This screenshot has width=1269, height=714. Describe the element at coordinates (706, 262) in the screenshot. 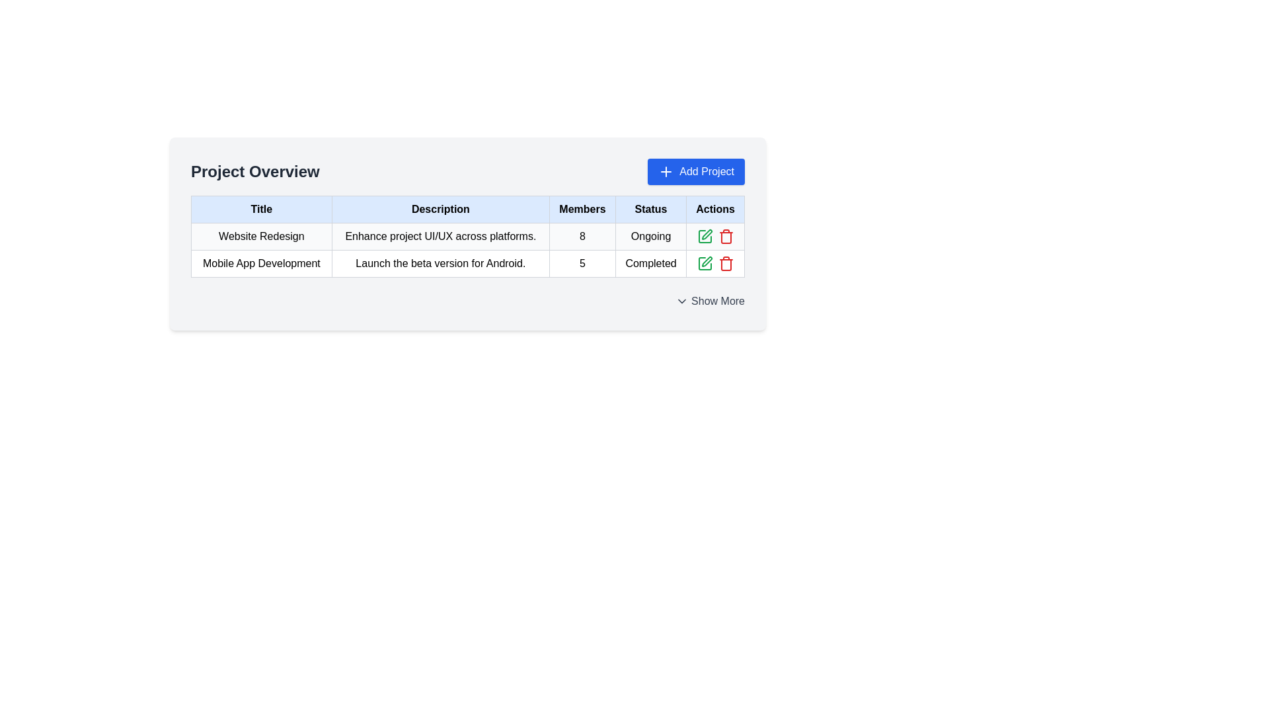

I see `the edit icon representing the edit function for the 'Mobile App Development' project` at that location.